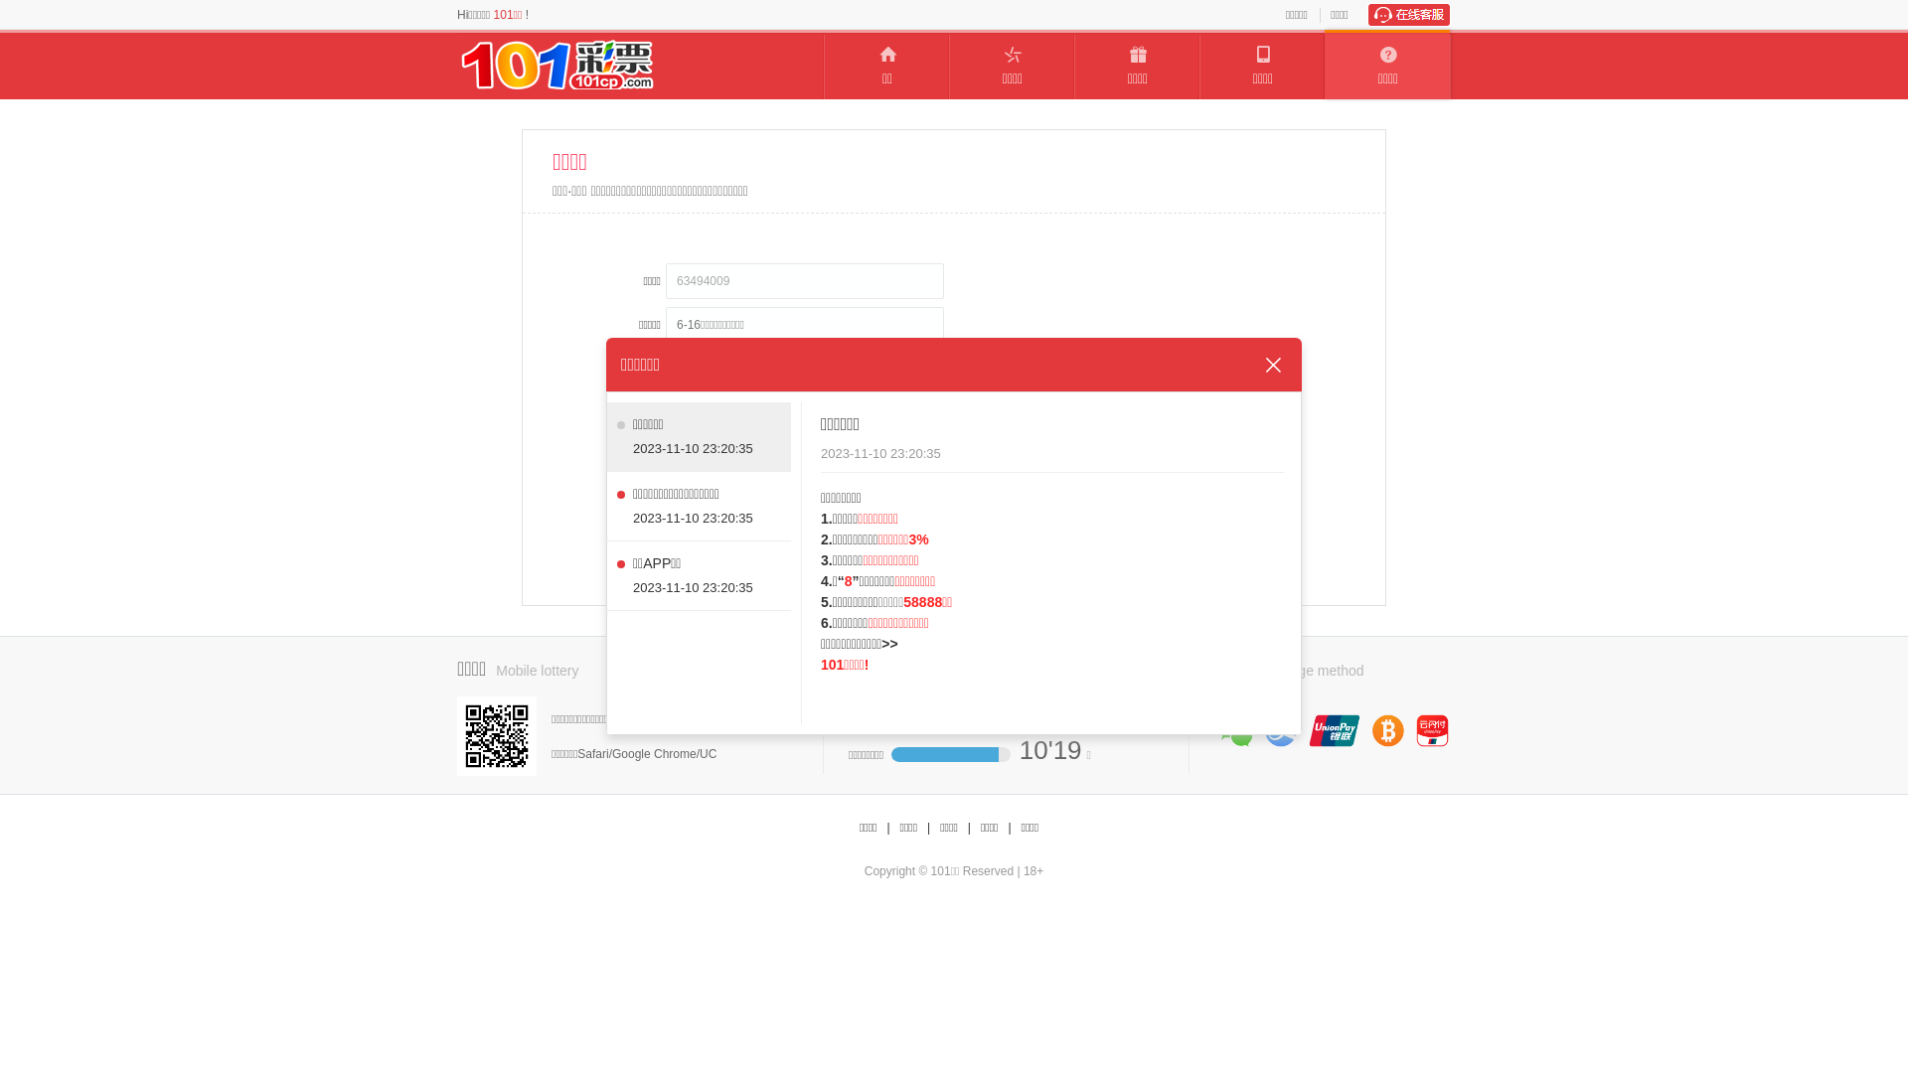 The image size is (1908, 1073). What do you see at coordinates (1009, 828) in the screenshot?
I see `'|'` at bounding box center [1009, 828].